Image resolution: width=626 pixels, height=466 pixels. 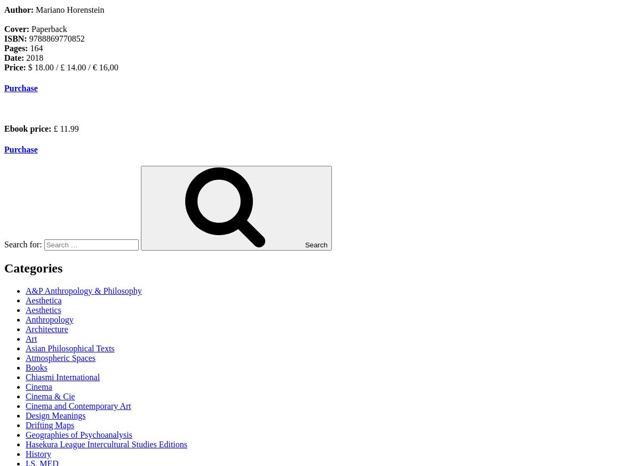 I want to click on 'Search for:', so click(x=23, y=244).